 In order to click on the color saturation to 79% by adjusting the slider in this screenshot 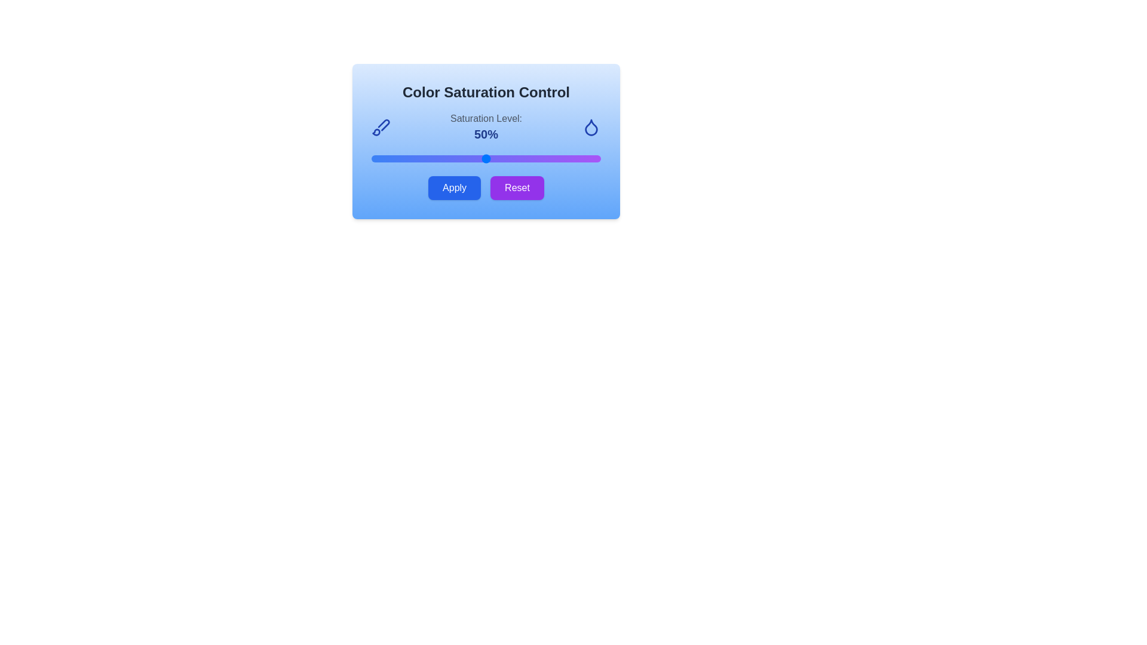, I will do `click(552, 158)`.